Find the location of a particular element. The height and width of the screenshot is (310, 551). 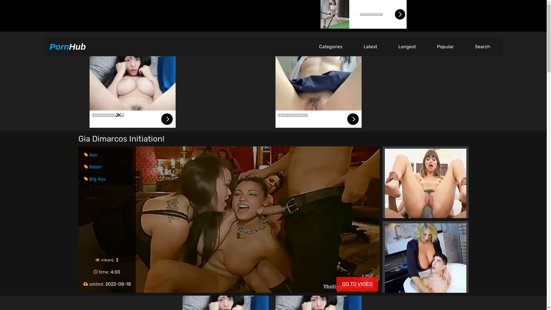

'Longest' is located at coordinates (406, 46).